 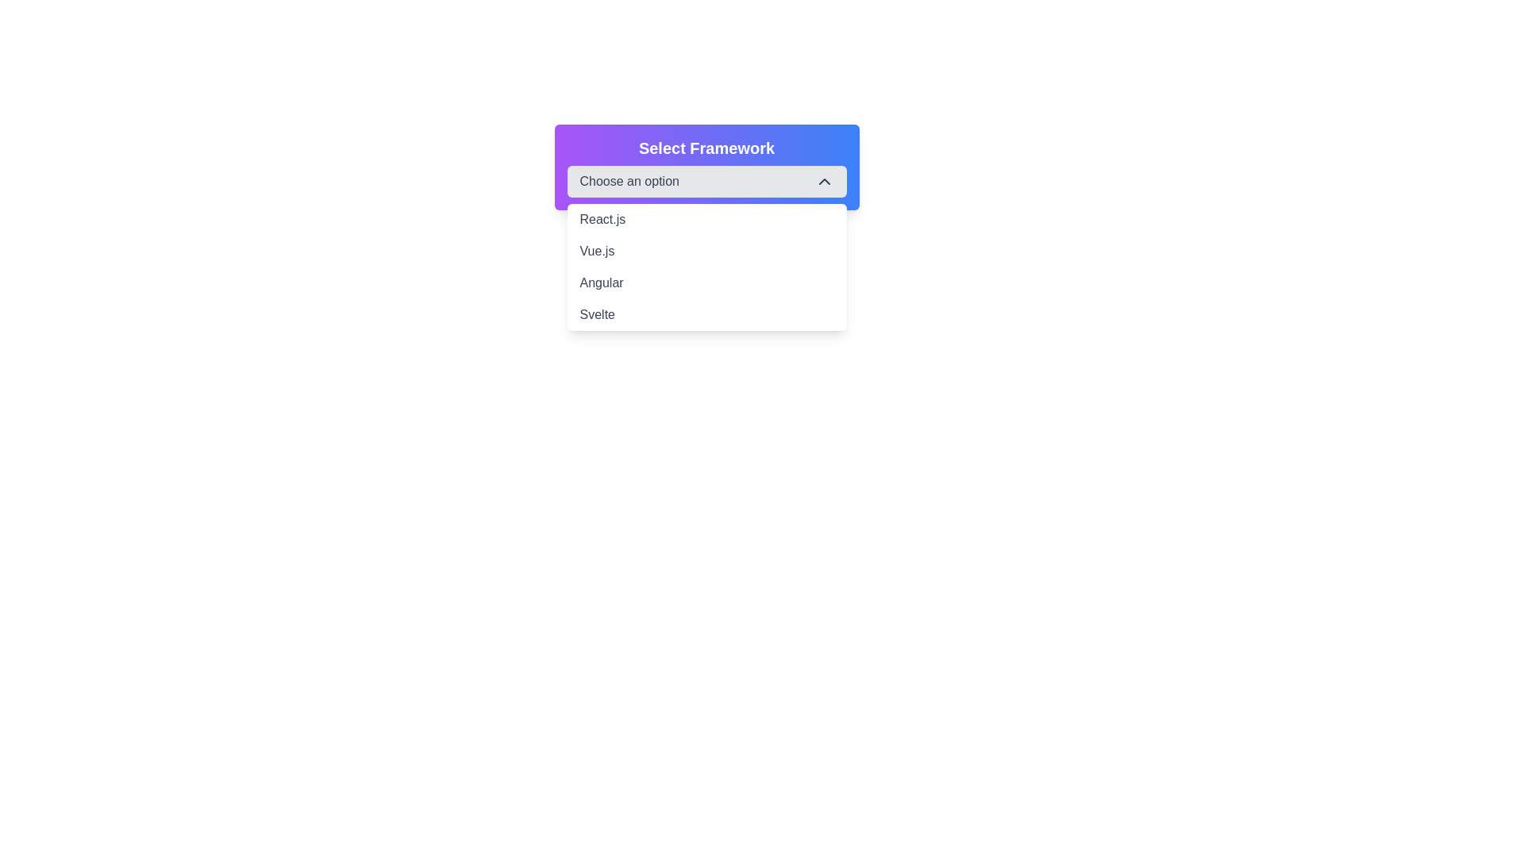 I want to click on the upward-pointing chevron icon located at the right edge of the dropdown area titled 'Choose an option' to receive feedback, so click(x=824, y=180).